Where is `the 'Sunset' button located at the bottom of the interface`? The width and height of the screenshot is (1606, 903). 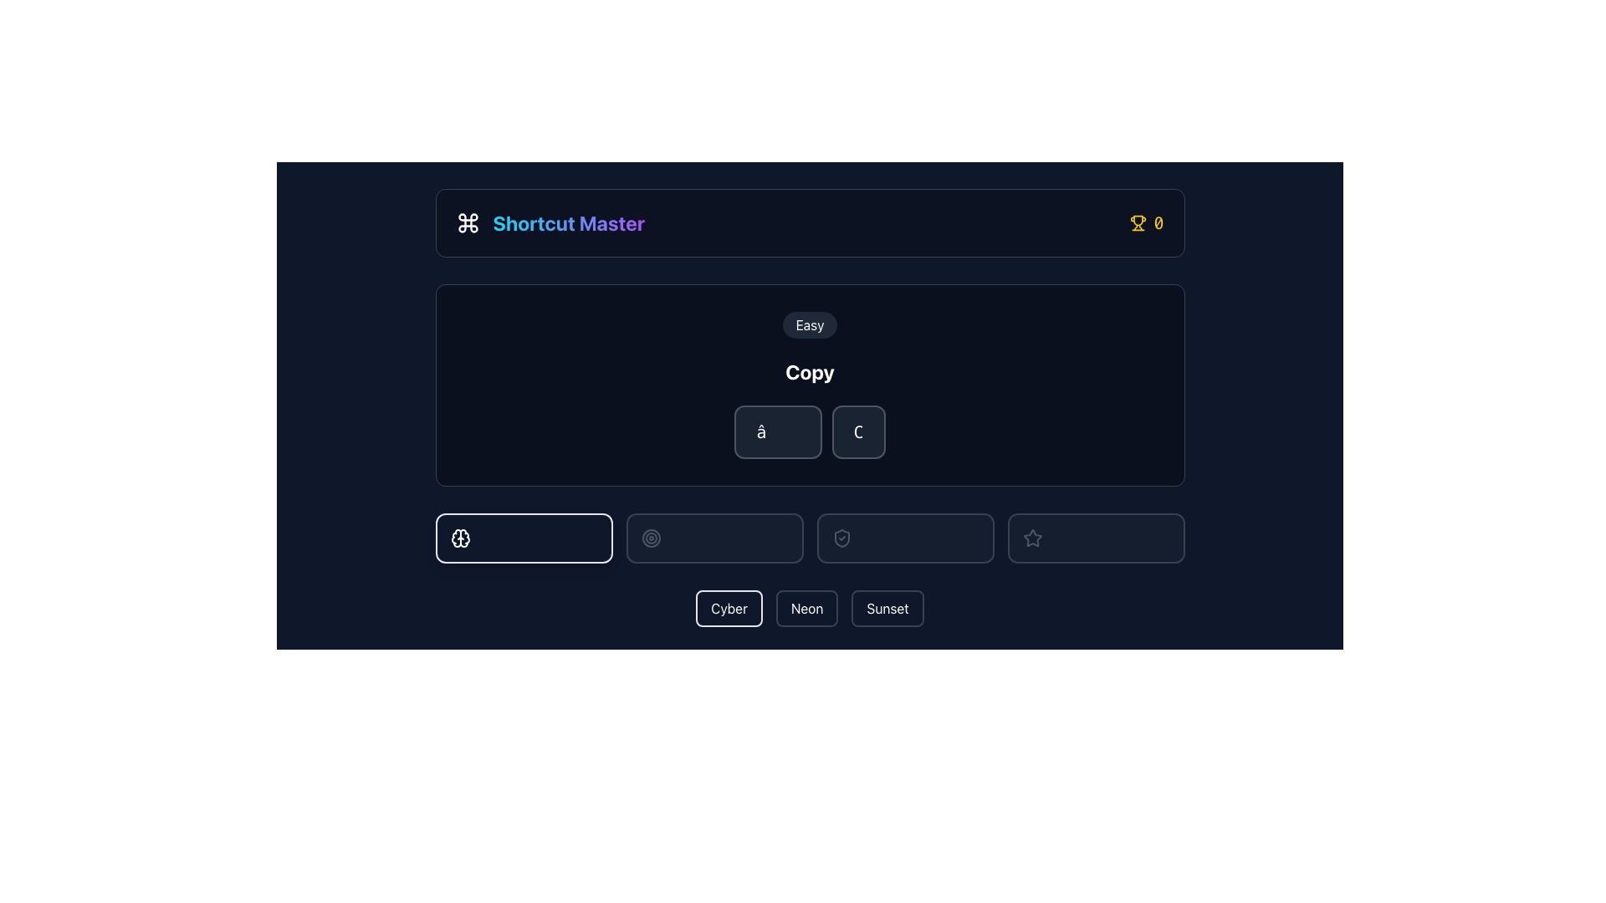 the 'Sunset' button located at the bottom of the interface is located at coordinates (887, 609).